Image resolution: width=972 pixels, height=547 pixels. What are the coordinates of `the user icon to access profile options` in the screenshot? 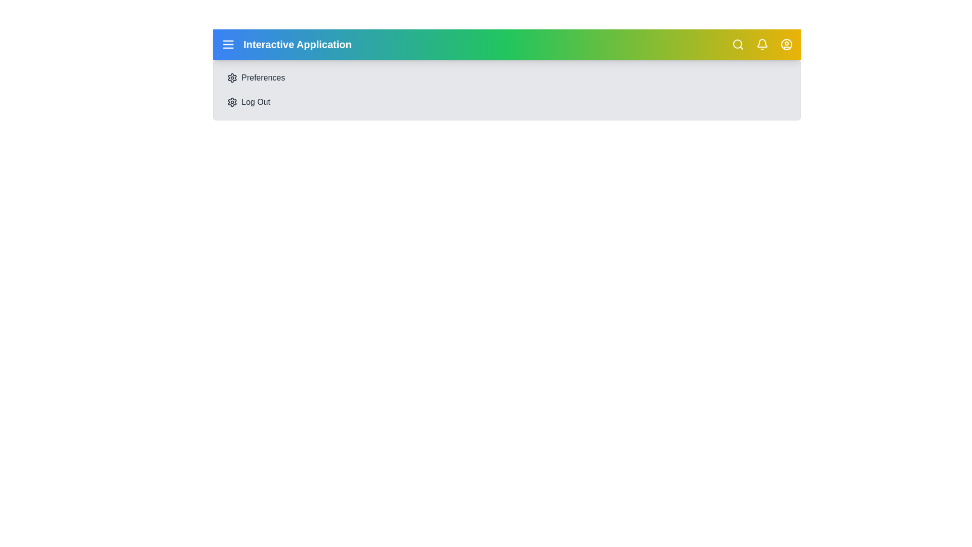 It's located at (786, 44).